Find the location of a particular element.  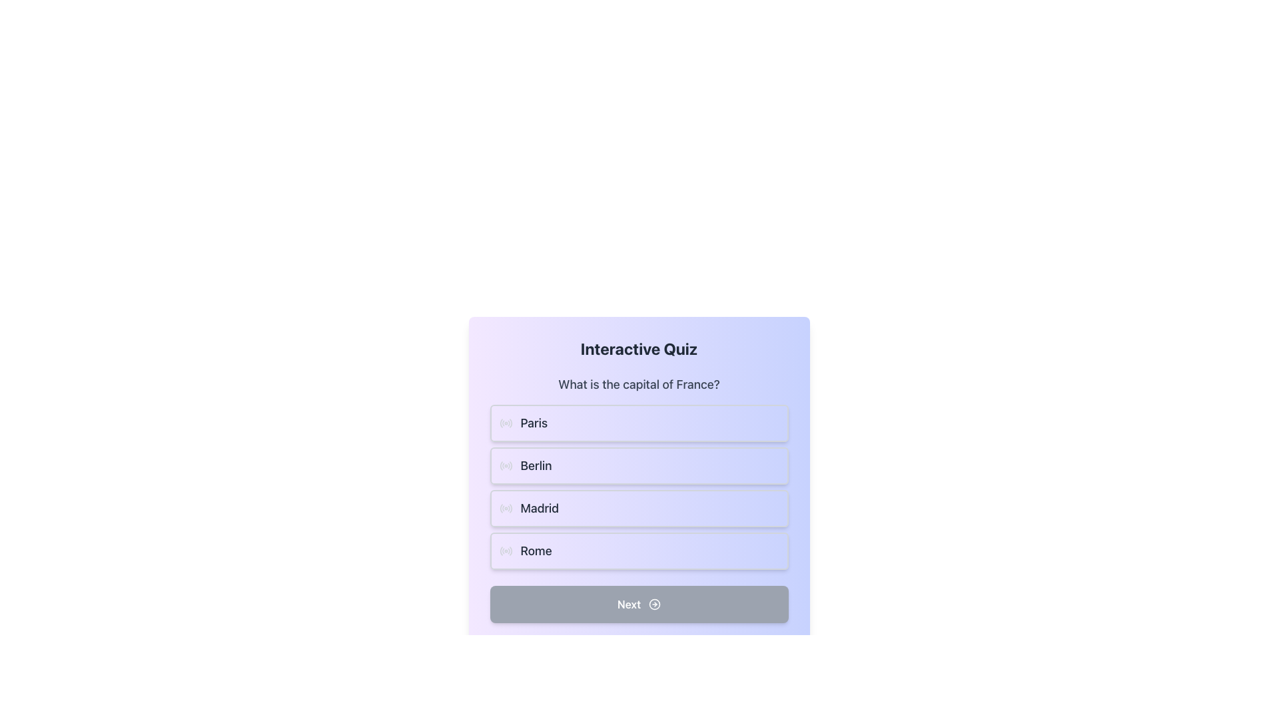

the 'Next' button located at the bottom of the quiz interface to observe hover effects is located at coordinates (638, 604).